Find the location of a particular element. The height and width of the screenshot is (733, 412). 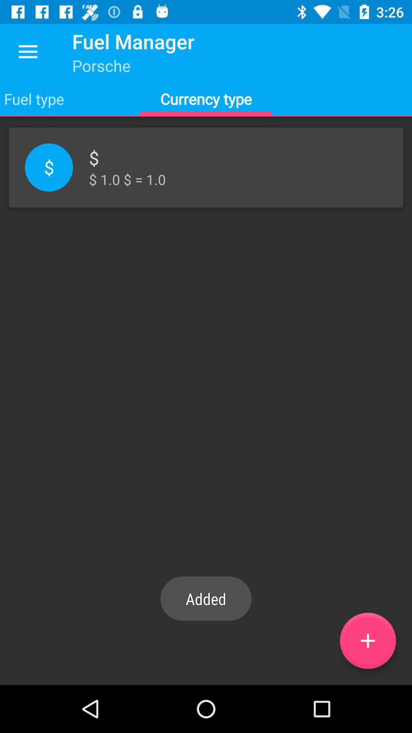

new is located at coordinates (367, 641).